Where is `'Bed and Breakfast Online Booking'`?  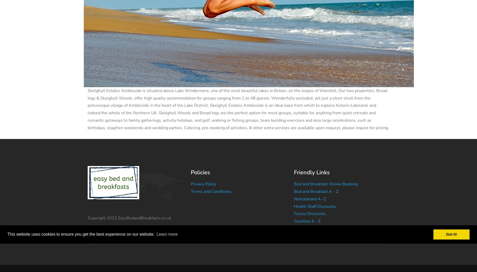 'Bed and Breakfast Online Booking' is located at coordinates (325, 184).